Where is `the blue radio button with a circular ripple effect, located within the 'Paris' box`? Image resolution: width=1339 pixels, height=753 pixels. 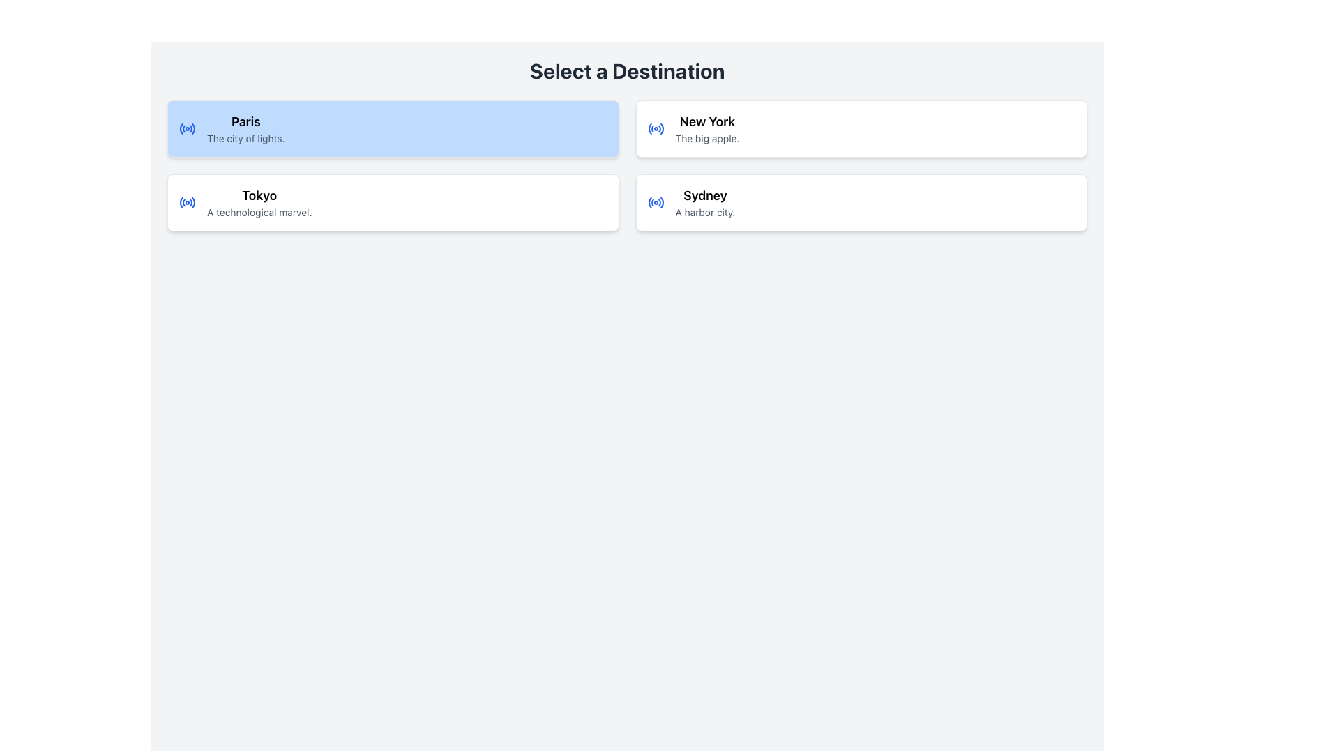 the blue radio button with a circular ripple effect, located within the 'Paris' box is located at coordinates (186, 129).